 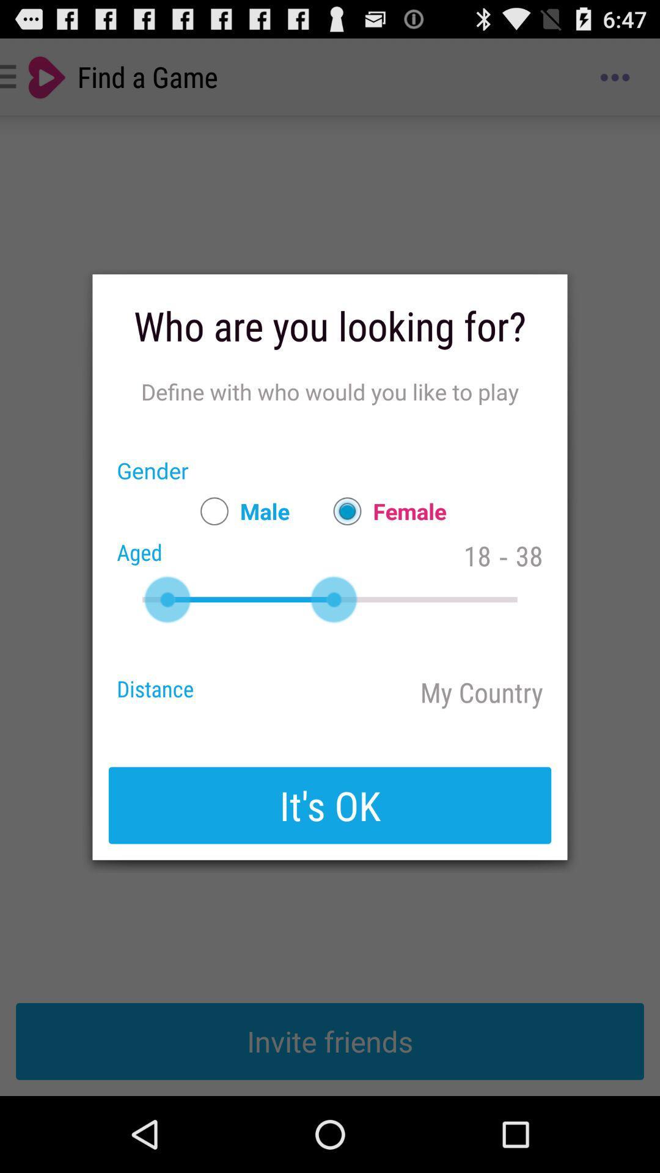 I want to click on icon to the right of male icon, so click(x=383, y=511).